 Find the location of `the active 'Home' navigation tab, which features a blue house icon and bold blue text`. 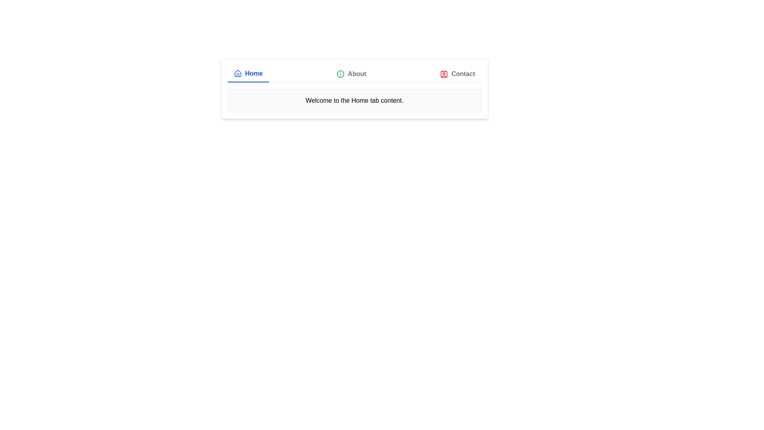

the active 'Home' navigation tab, which features a blue house icon and bold blue text is located at coordinates (248, 74).